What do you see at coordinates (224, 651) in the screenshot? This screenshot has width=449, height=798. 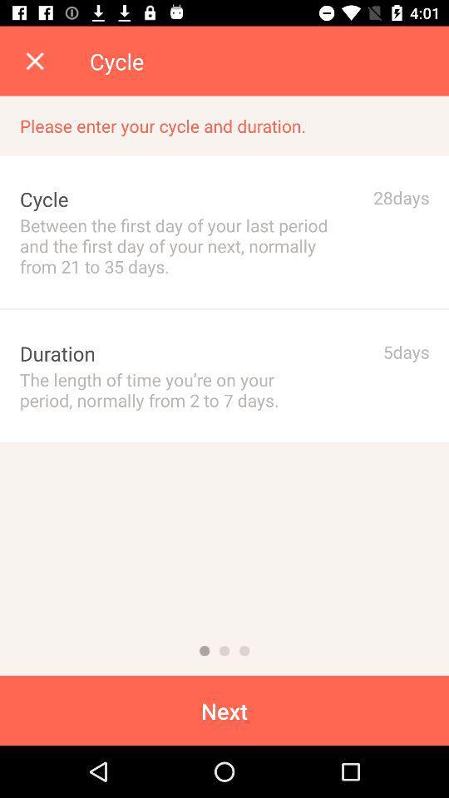 I see `2nd of 3 pages` at bounding box center [224, 651].